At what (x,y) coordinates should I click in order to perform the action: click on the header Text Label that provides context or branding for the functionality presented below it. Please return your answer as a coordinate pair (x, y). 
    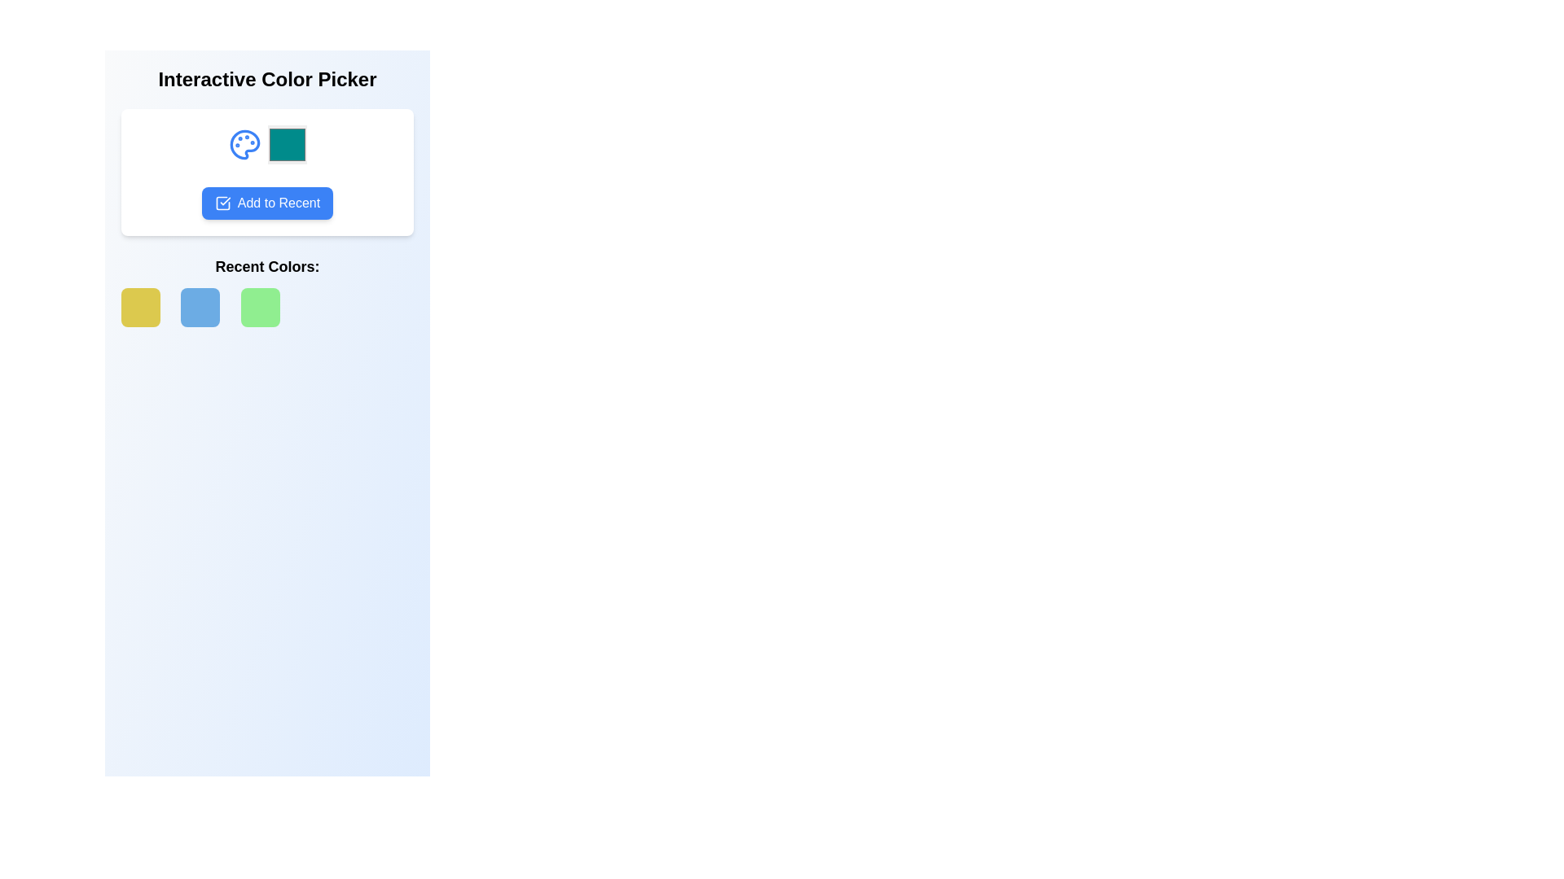
    Looking at the image, I should click on (267, 79).